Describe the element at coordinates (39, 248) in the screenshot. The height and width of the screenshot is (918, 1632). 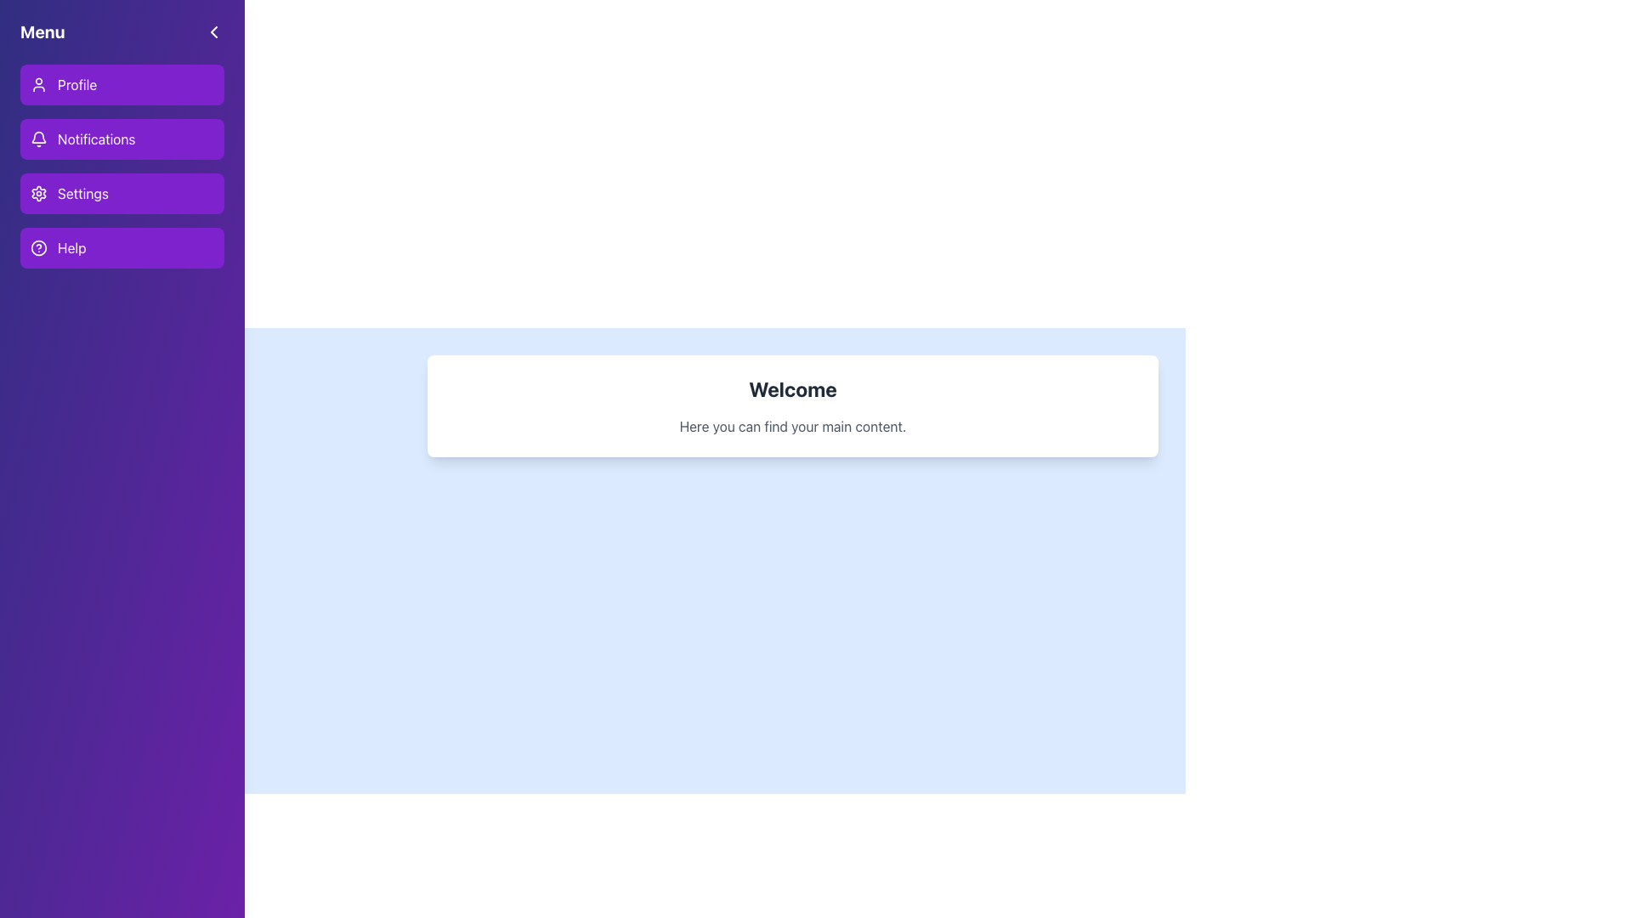
I see `the circular icon with a hollow outline and a question mark in its center, located within the 'Help' button in the vertical navigation bar` at that location.